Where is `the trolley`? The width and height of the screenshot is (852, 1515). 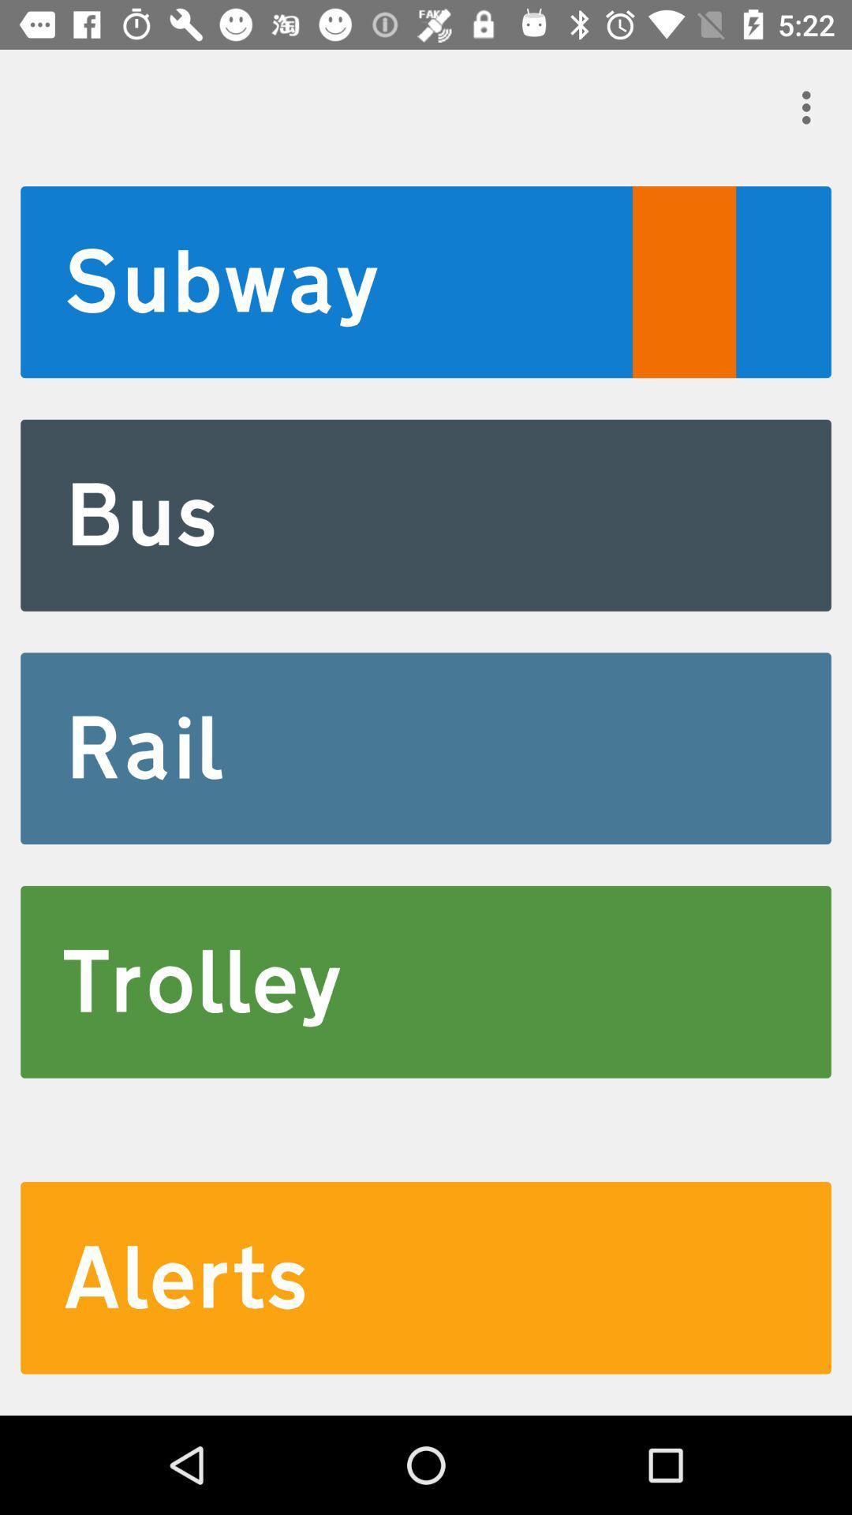
the trolley is located at coordinates (426, 981).